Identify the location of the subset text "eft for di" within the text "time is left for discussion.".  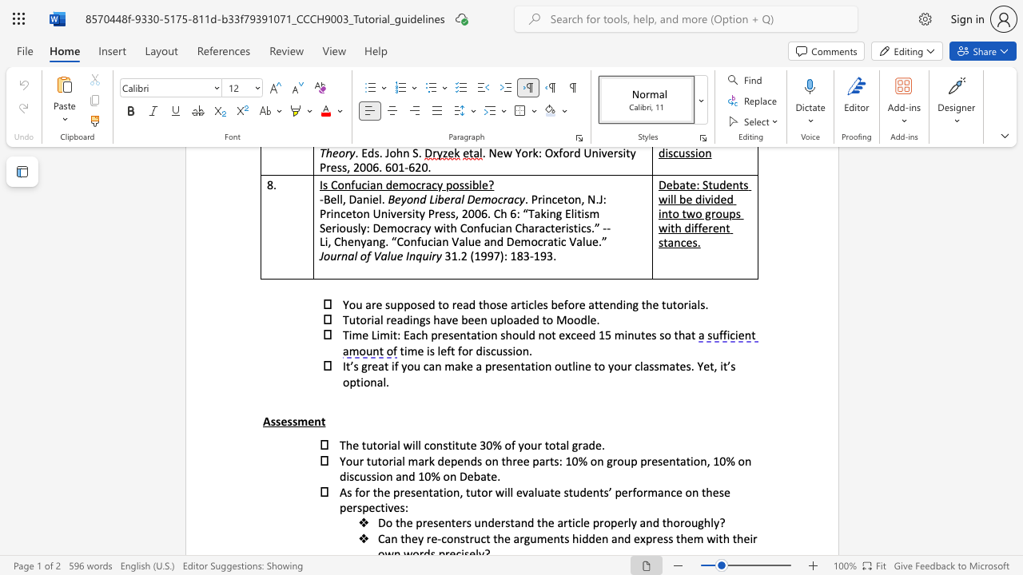
(440, 350).